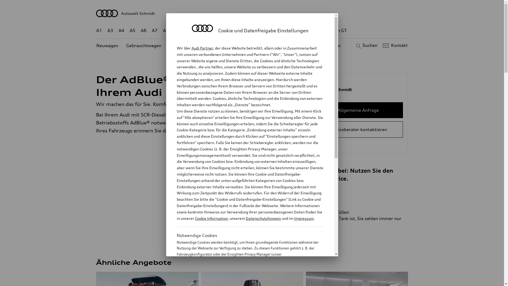  Describe the element at coordinates (358, 110) in the screenshot. I see `'Allgemeine Anfrage'` at that location.